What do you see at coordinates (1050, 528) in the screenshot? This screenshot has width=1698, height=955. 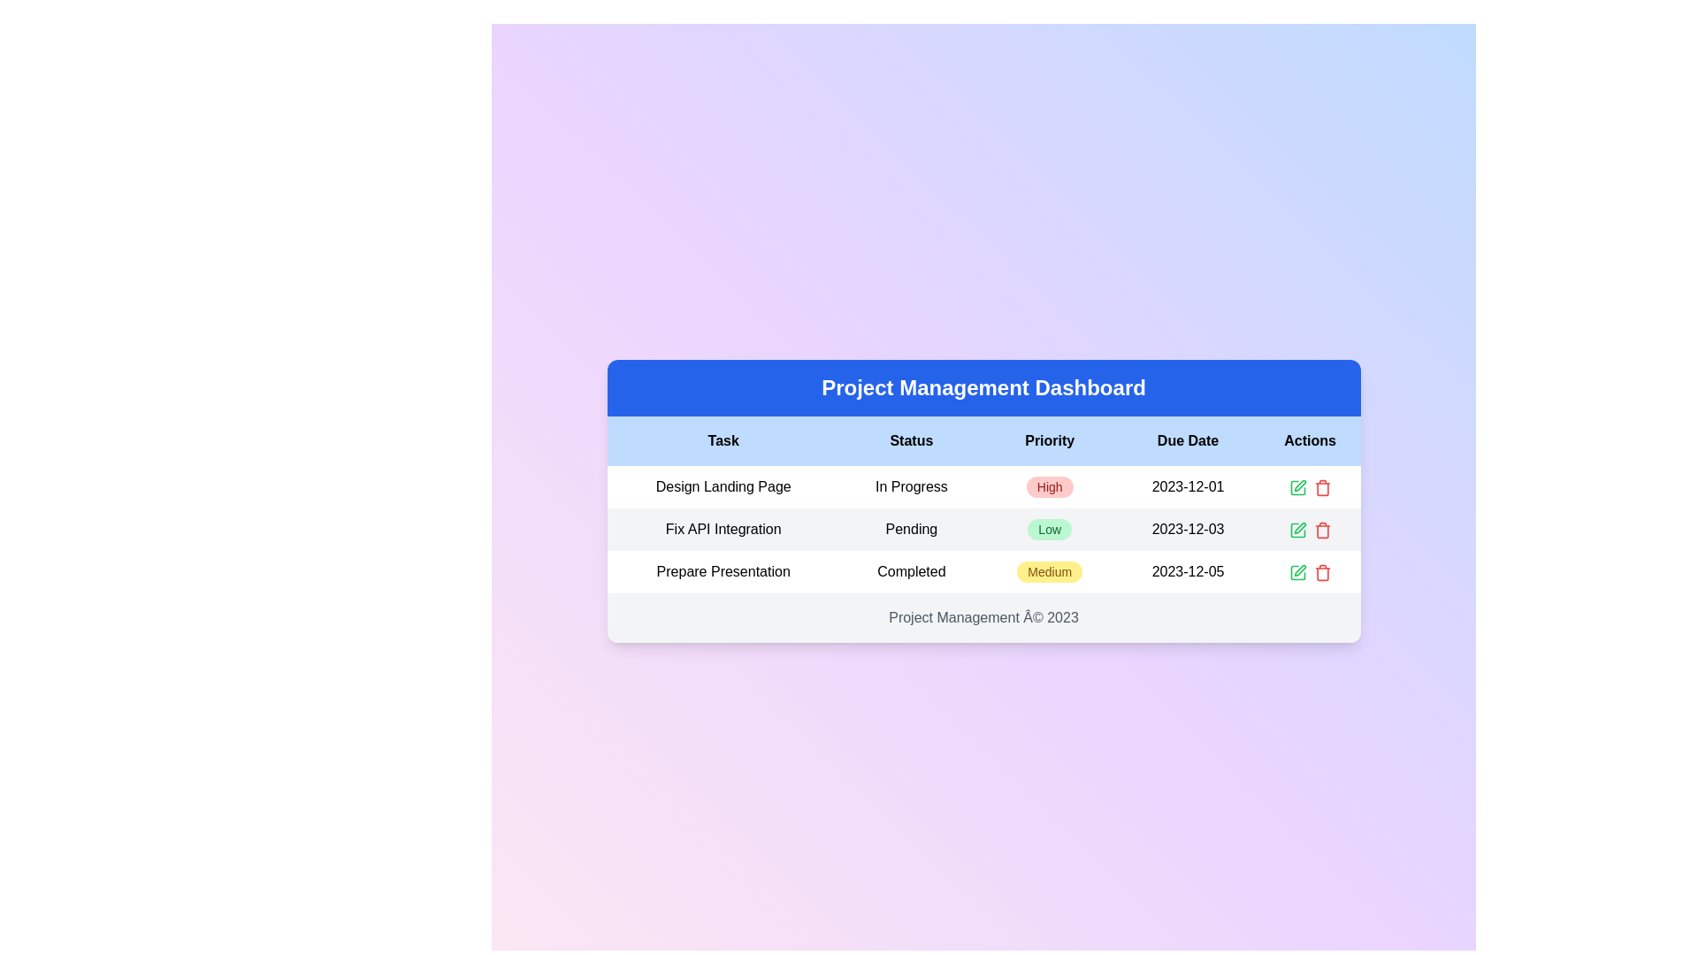 I see `the non-interactive status label component that displays 'Low' in the third column of the second row of the table` at bounding box center [1050, 528].